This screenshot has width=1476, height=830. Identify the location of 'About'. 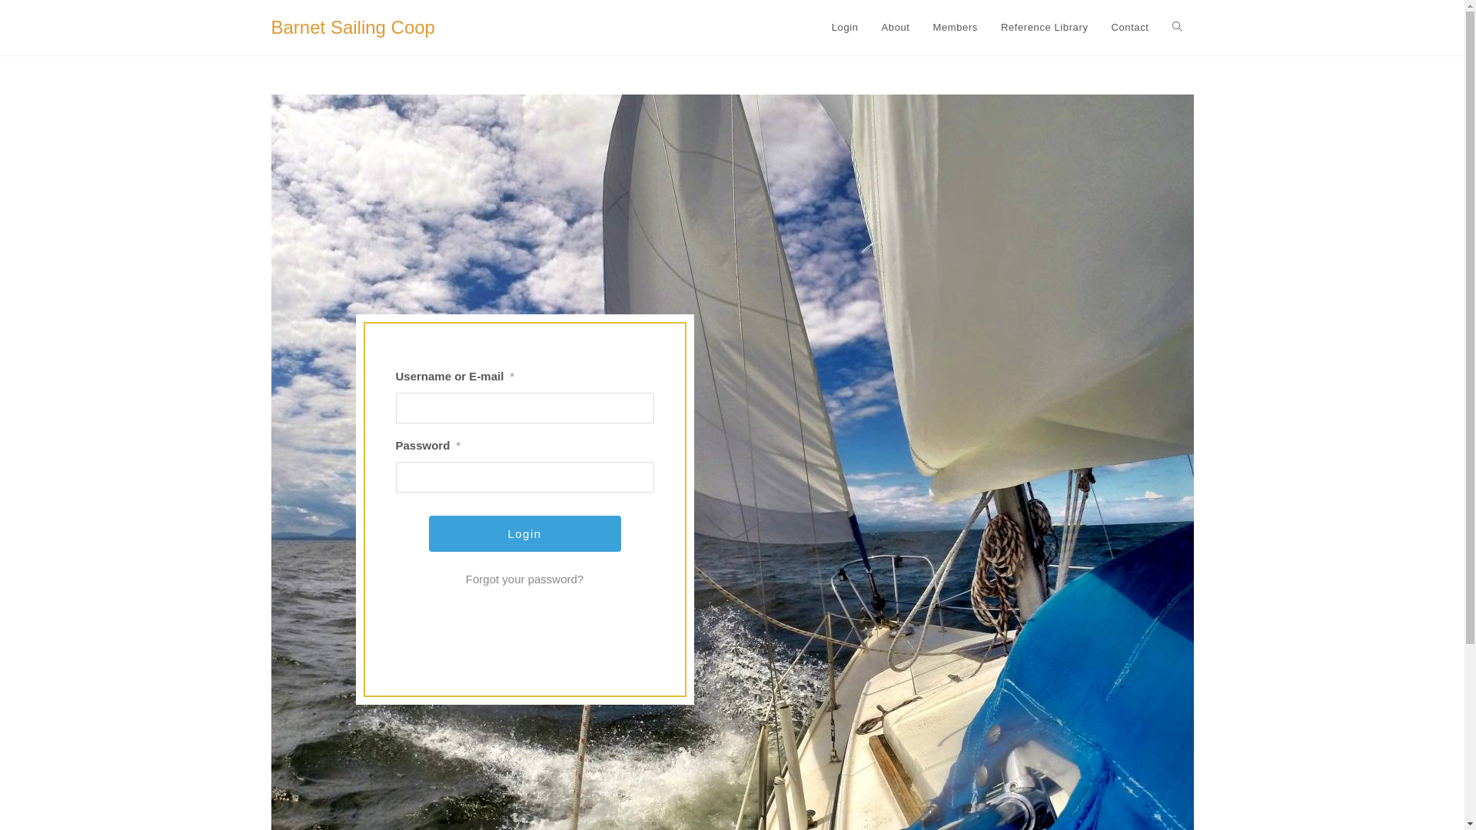
(870, 27).